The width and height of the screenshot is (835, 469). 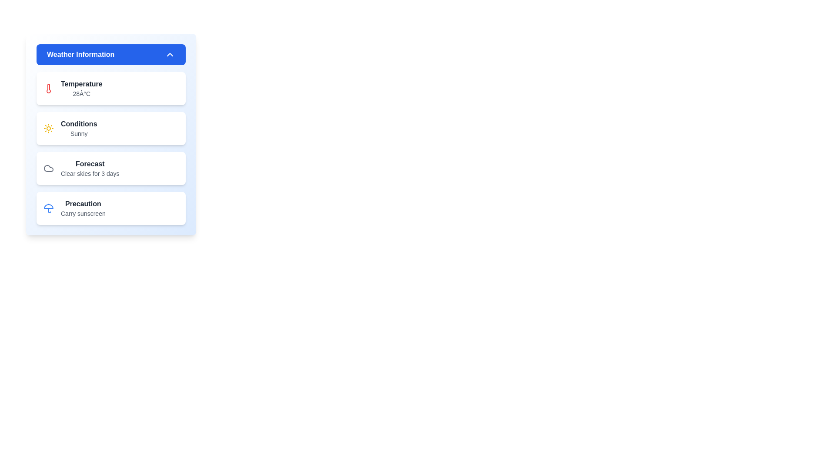 What do you see at coordinates (79, 134) in the screenshot?
I see `the text label displaying the word 'Sunny' in gray, located below the 'Conditions' label in the Weather Information panel` at bounding box center [79, 134].